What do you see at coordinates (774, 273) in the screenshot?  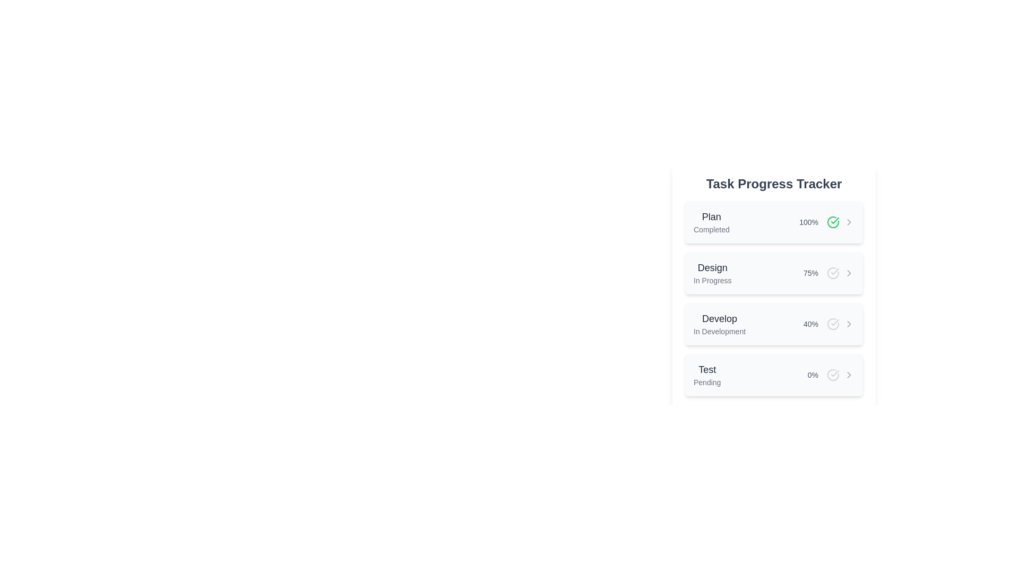 I see `the Status card representing the progress tracker for the 'Design' phase, which is located between the 'Plan - Completed' card and the 'Develop - In Development' card` at bounding box center [774, 273].